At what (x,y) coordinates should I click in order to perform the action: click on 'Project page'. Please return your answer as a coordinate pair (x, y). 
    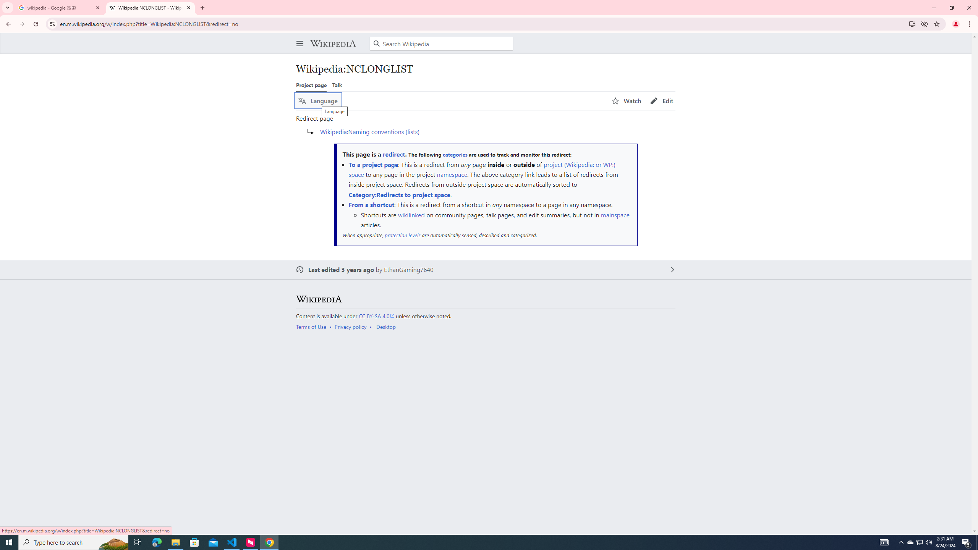
    Looking at the image, I should click on (311, 85).